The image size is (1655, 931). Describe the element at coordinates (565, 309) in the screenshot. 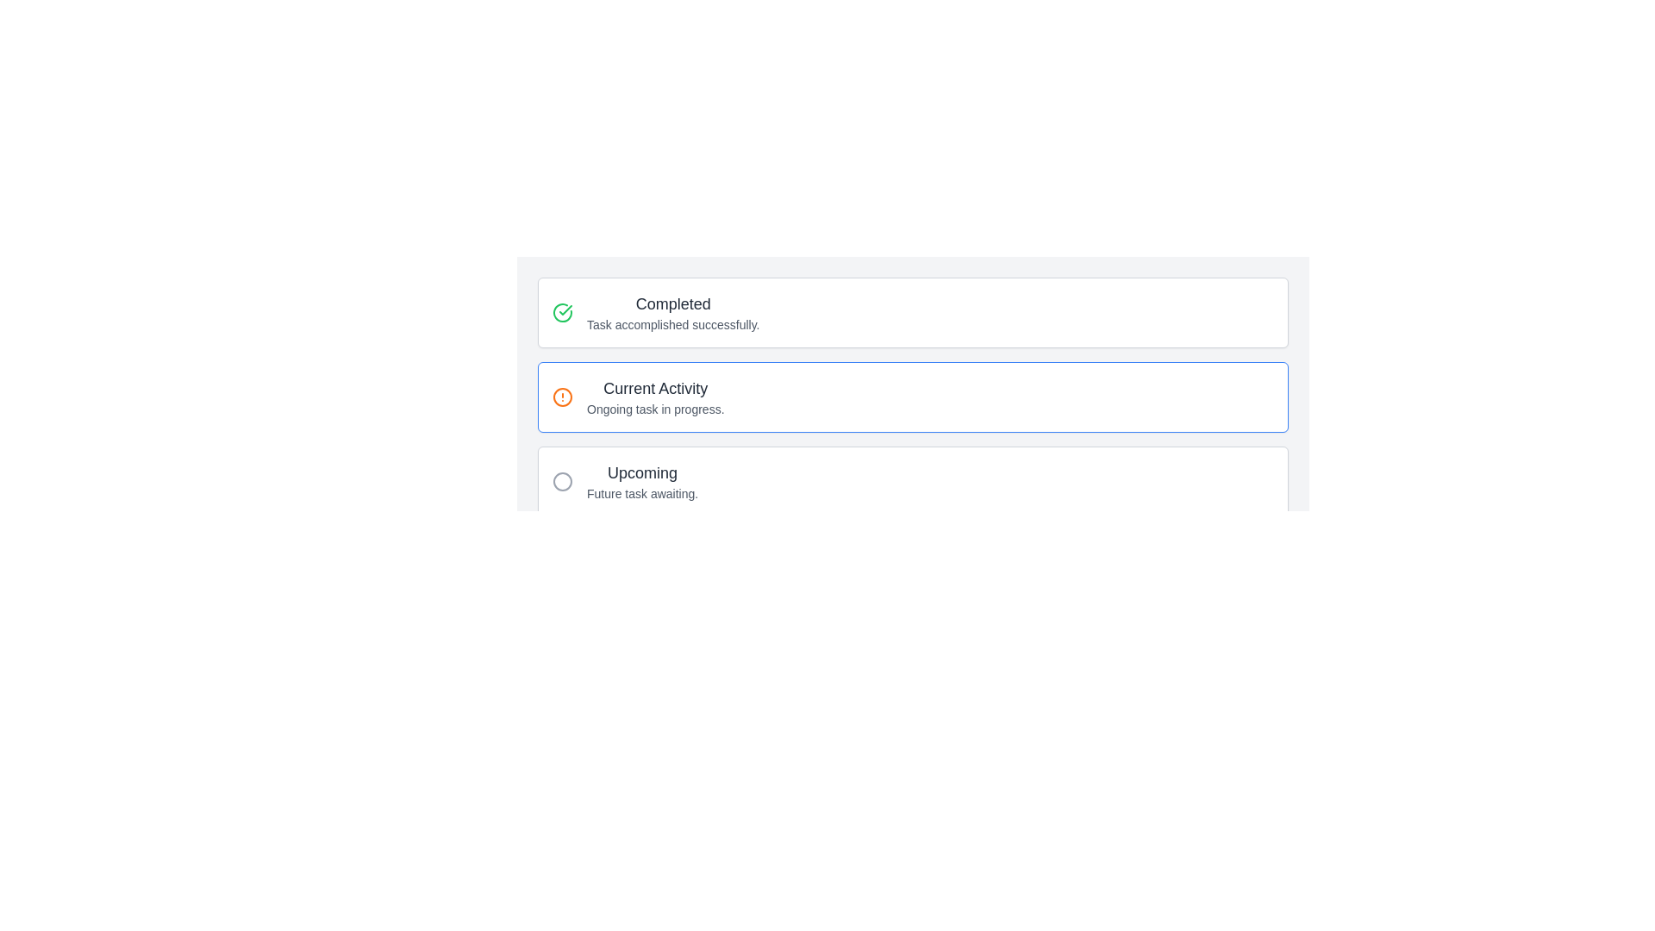

I see `the checkmark icon with a green outline indicating successful completion, located at the top-left corner of the 'Completed' section in the list of activities` at that location.